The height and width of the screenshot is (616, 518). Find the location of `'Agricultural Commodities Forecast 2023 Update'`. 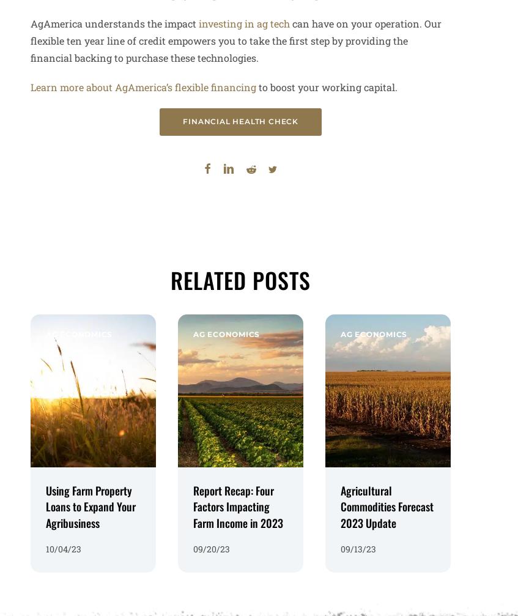

'Agricultural Commodities Forecast 2023 Update' is located at coordinates (386, 502).